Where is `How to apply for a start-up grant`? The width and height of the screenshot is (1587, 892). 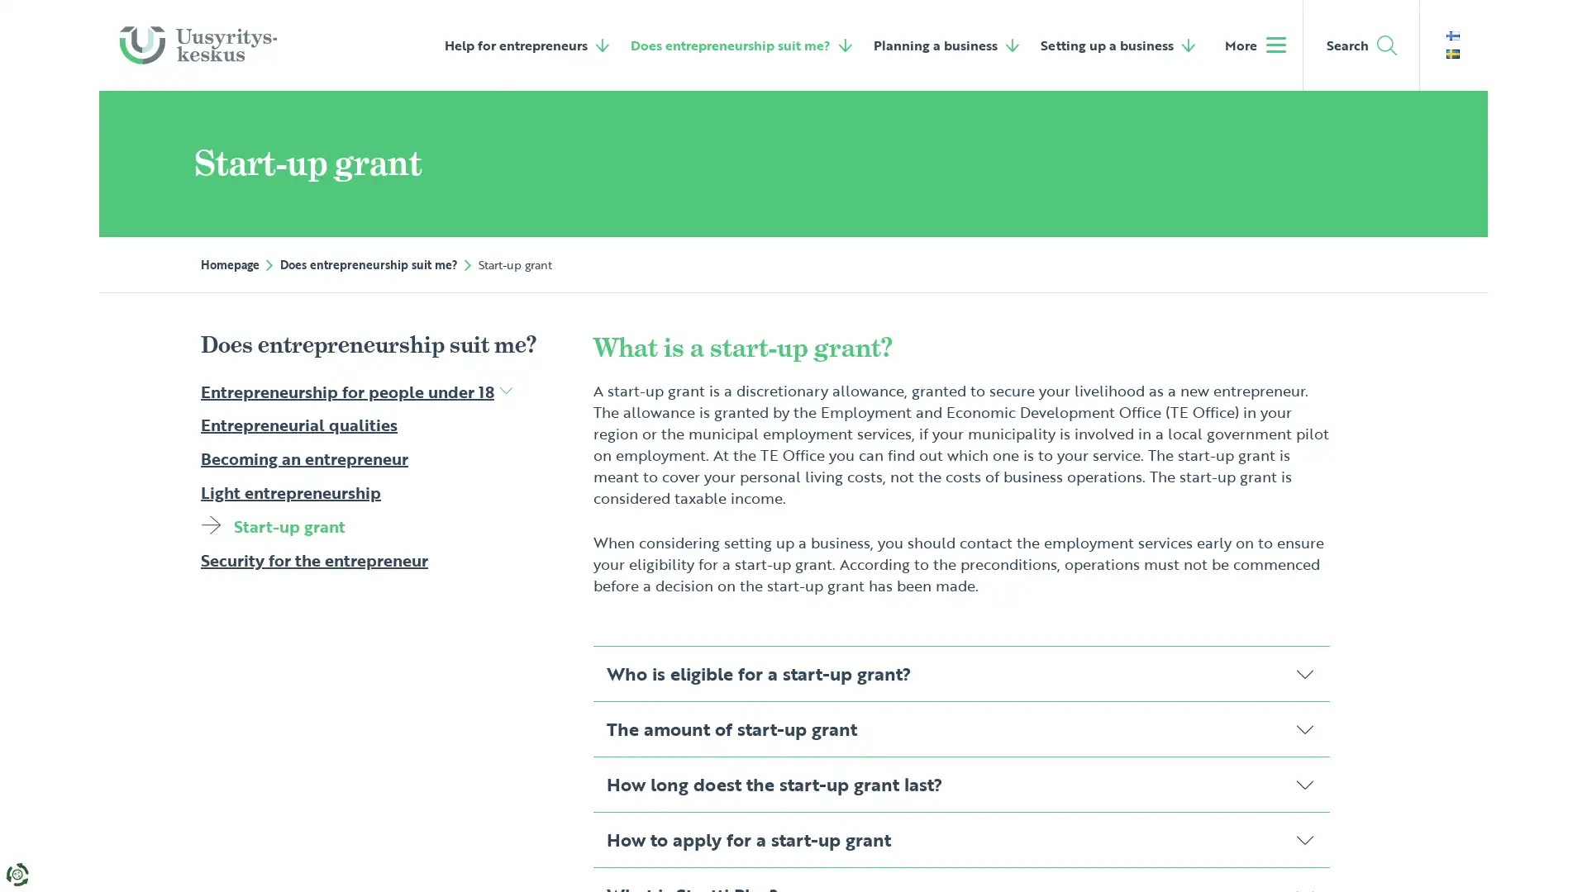 How to apply for a start-up grant is located at coordinates (960, 838).